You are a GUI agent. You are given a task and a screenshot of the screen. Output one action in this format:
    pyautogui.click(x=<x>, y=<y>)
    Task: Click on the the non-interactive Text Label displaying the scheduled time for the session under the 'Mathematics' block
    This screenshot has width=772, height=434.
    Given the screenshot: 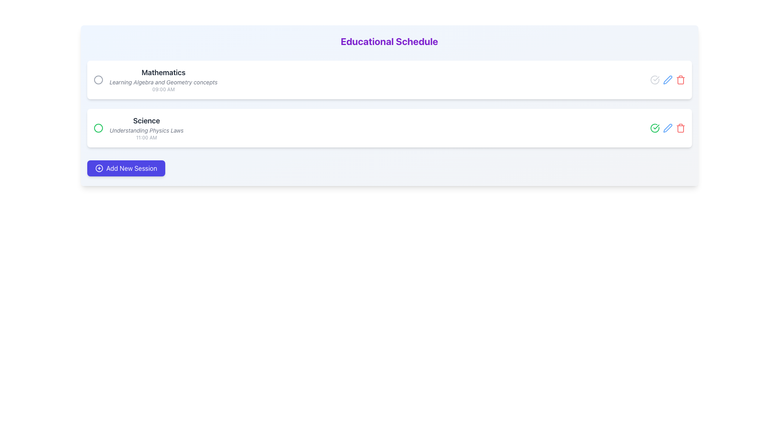 What is the action you would take?
    pyautogui.click(x=163, y=90)
    